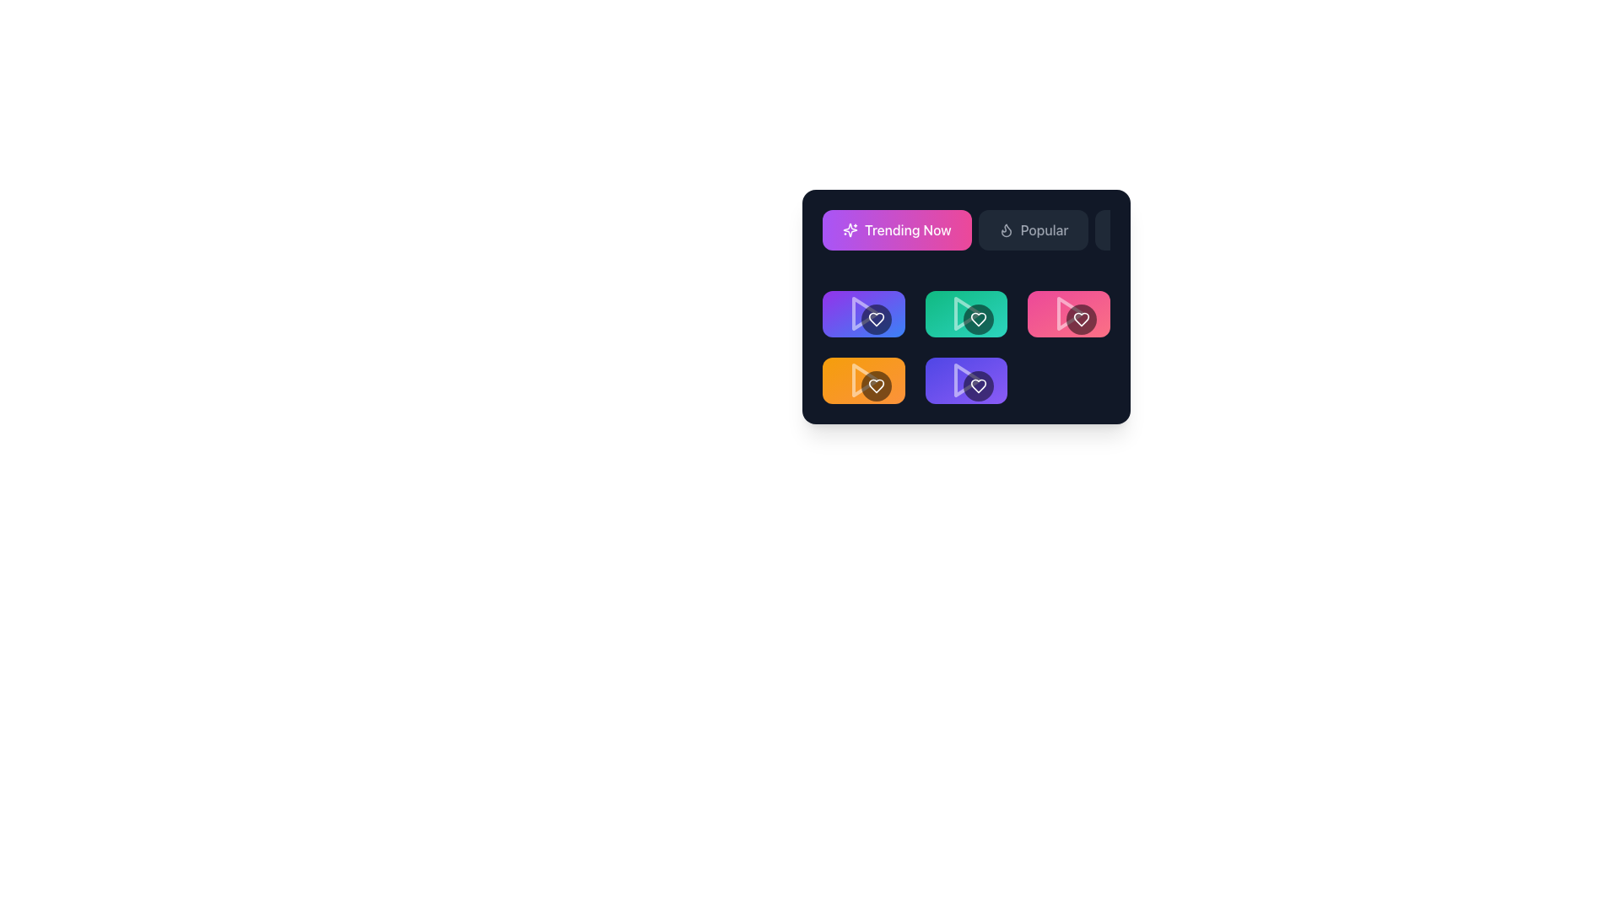  Describe the element at coordinates (966, 314) in the screenshot. I see `the Interactive Media Thumbnail tile with a gradient background and play icon` at that location.